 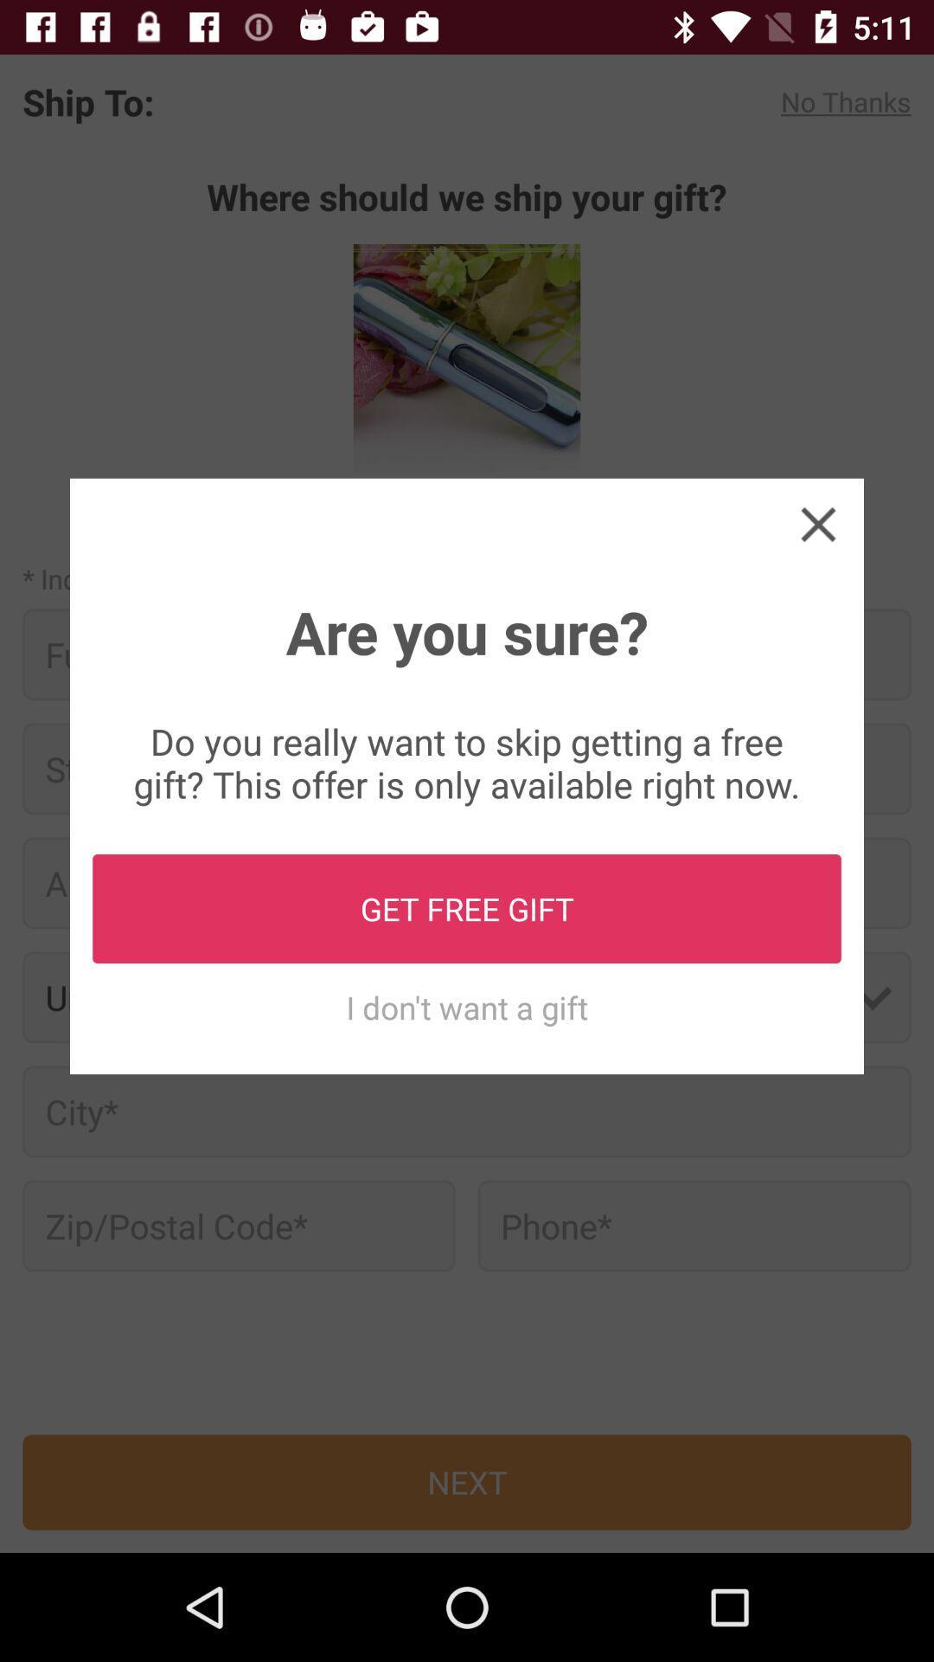 What do you see at coordinates (817, 523) in the screenshot?
I see `the icon at the top right corner` at bounding box center [817, 523].